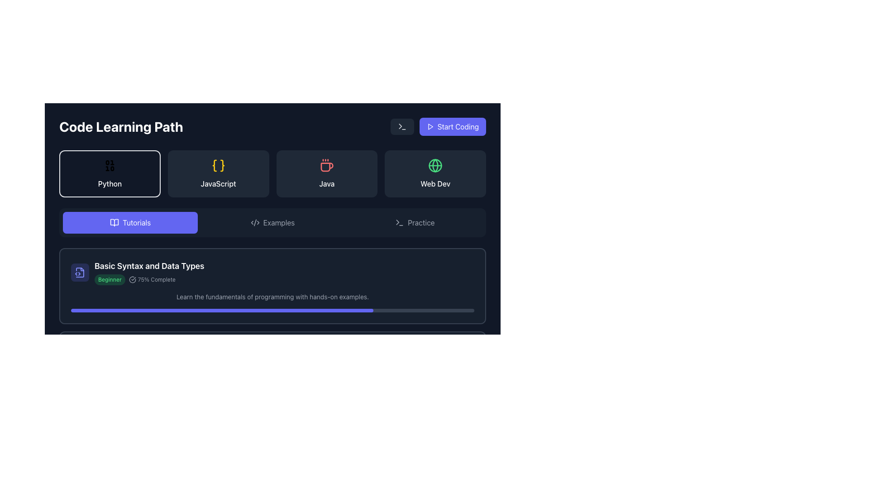  What do you see at coordinates (152, 279) in the screenshot?
I see `the progress information UI component, which displays task completion percentage and includes a checkmark icon, located to the right of the 'Beginner' tag` at bounding box center [152, 279].